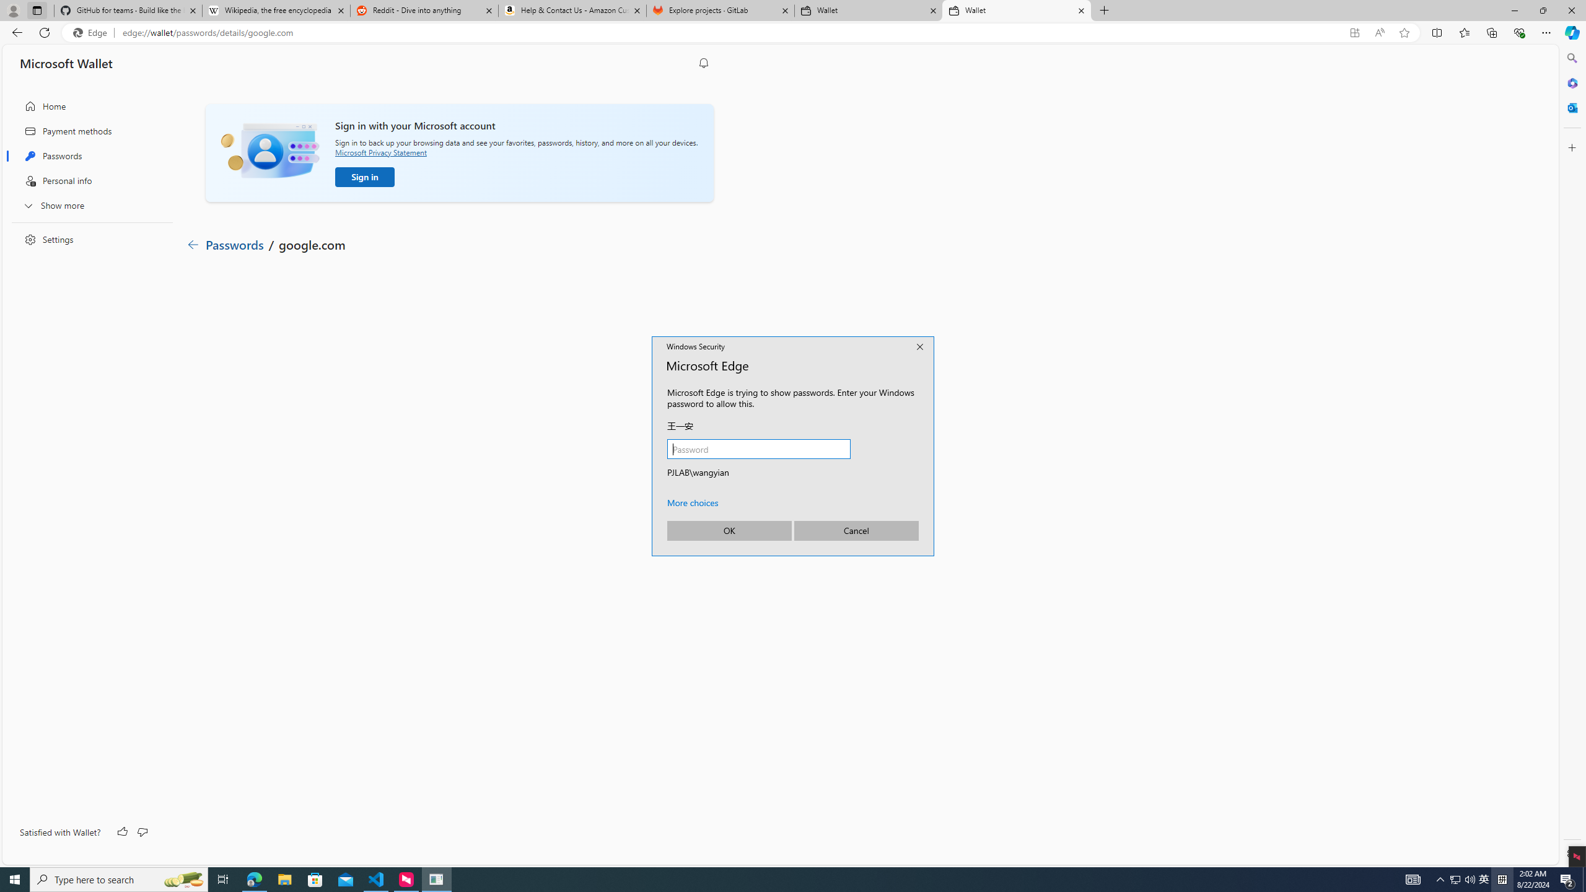  What do you see at coordinates (856, 530) in the screenshot?
I see `'Cancel'` at bounding box center [856, 530].